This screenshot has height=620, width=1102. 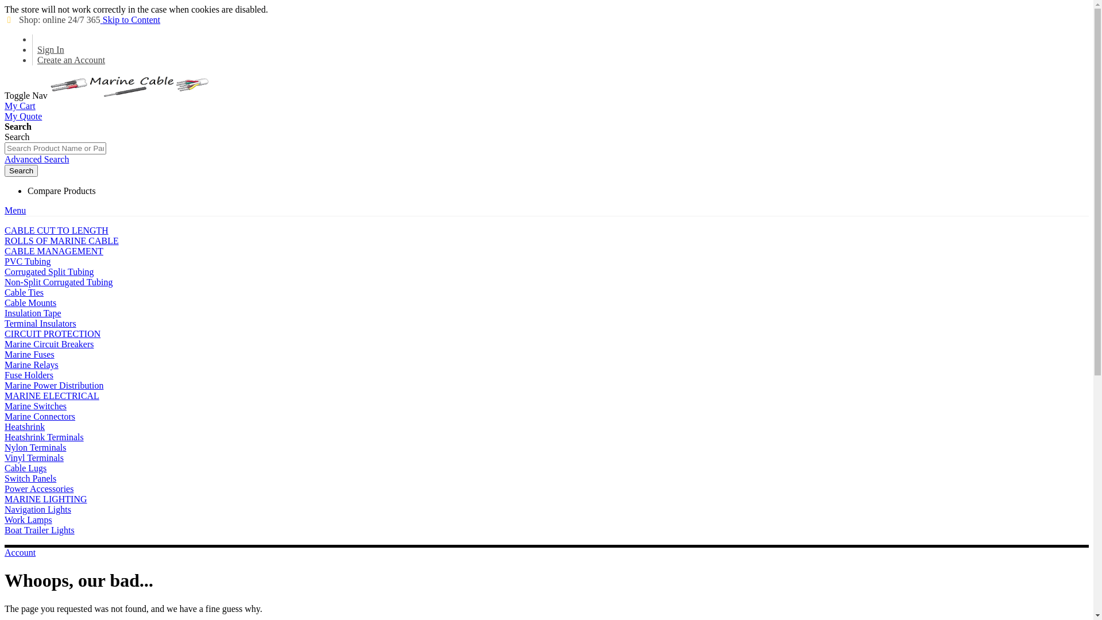 I want to click on 'ROLLS OF MARINE CABLE', so click(x=61, y=240).